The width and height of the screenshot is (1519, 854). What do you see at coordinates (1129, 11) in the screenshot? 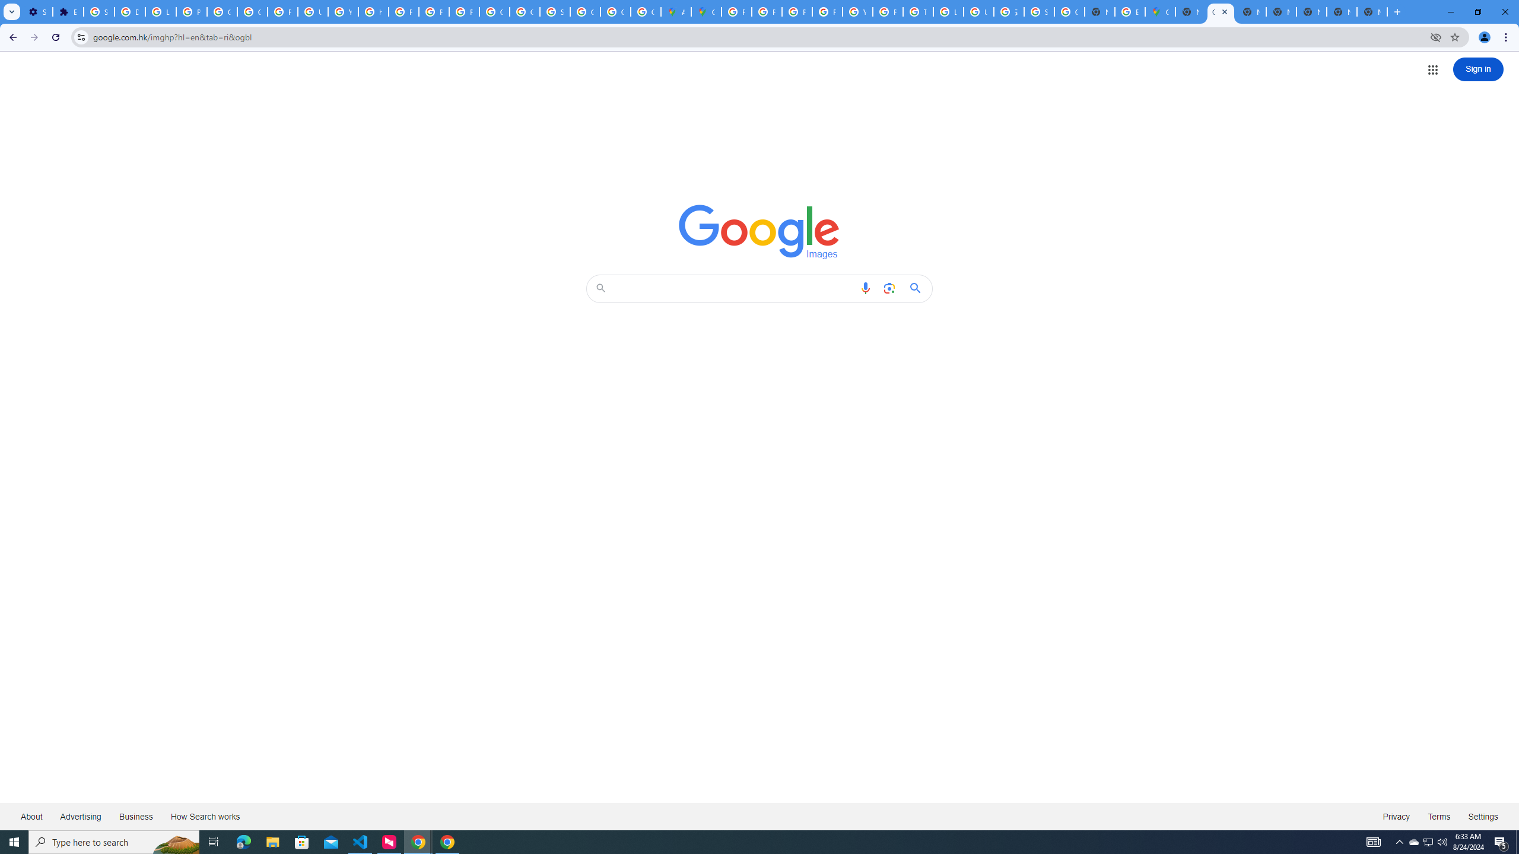
I see `'Explore new street-level details - Google Maps Help'` at bounding box center [1129, 11].